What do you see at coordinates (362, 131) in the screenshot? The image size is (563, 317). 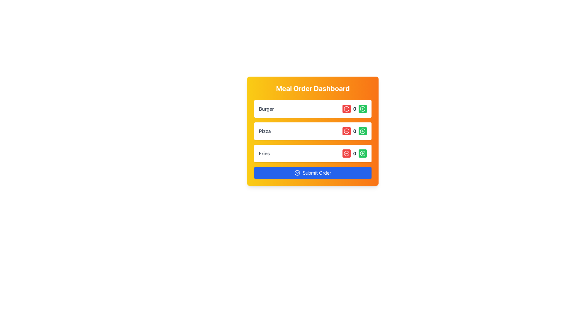 I see `the green circular button with a white plus icon, located to the far right of the horizontal grouping of elements` at bounding box center [362, 131].